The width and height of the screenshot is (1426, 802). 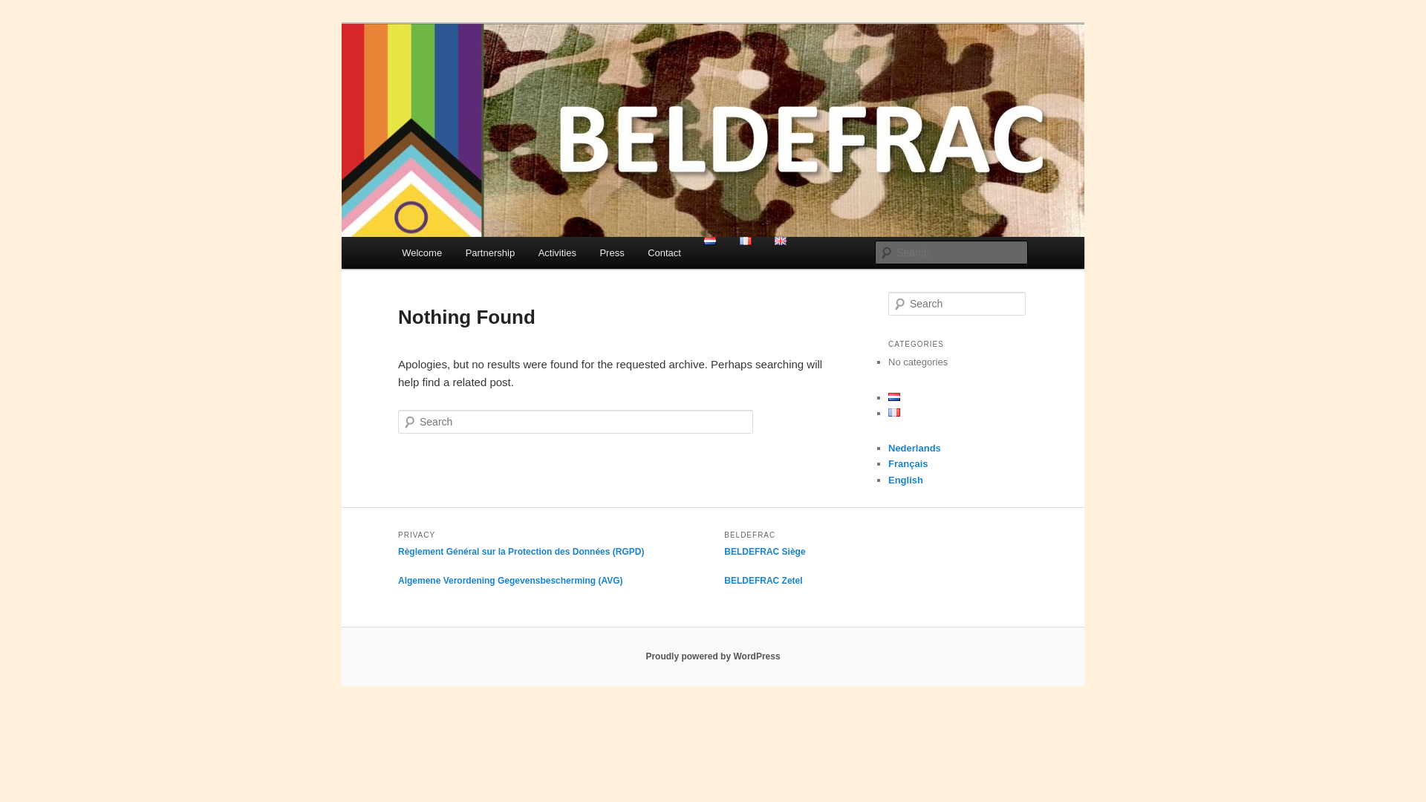 I want to click on 'Algemene Verordening Gegevensbescherming (AVG)', so click(x=510, y=580).